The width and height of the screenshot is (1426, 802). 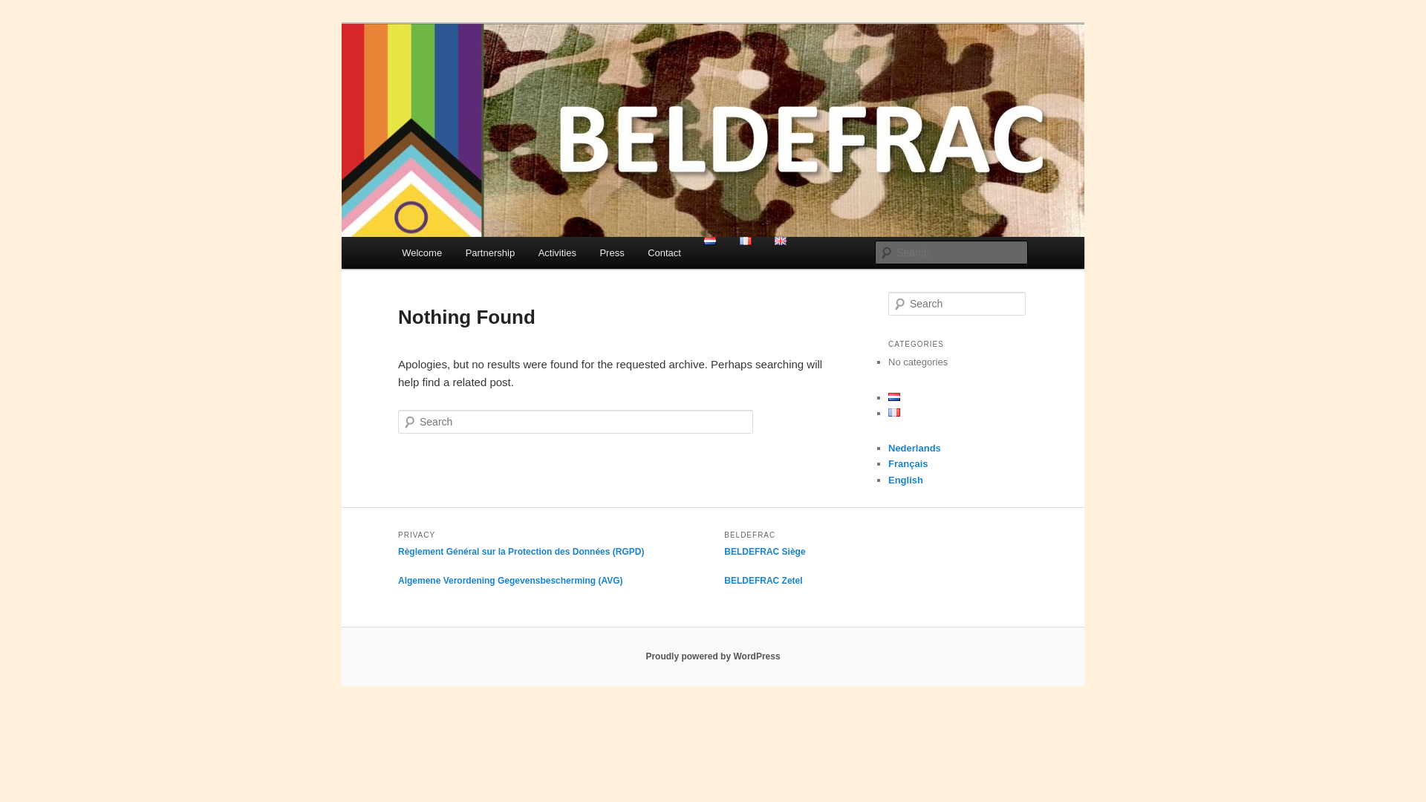 I want to click on 'Algemene Verordening Gegevensbescherming (AVG)', so click(x=510, y=580).